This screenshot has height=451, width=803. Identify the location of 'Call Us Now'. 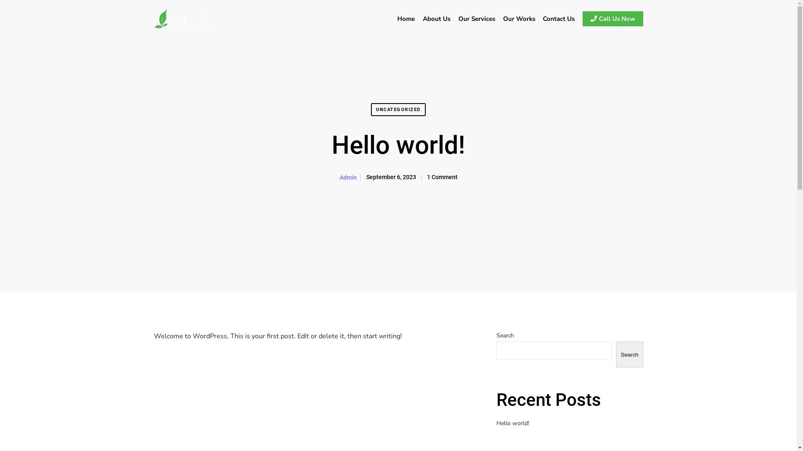
(611, 19).